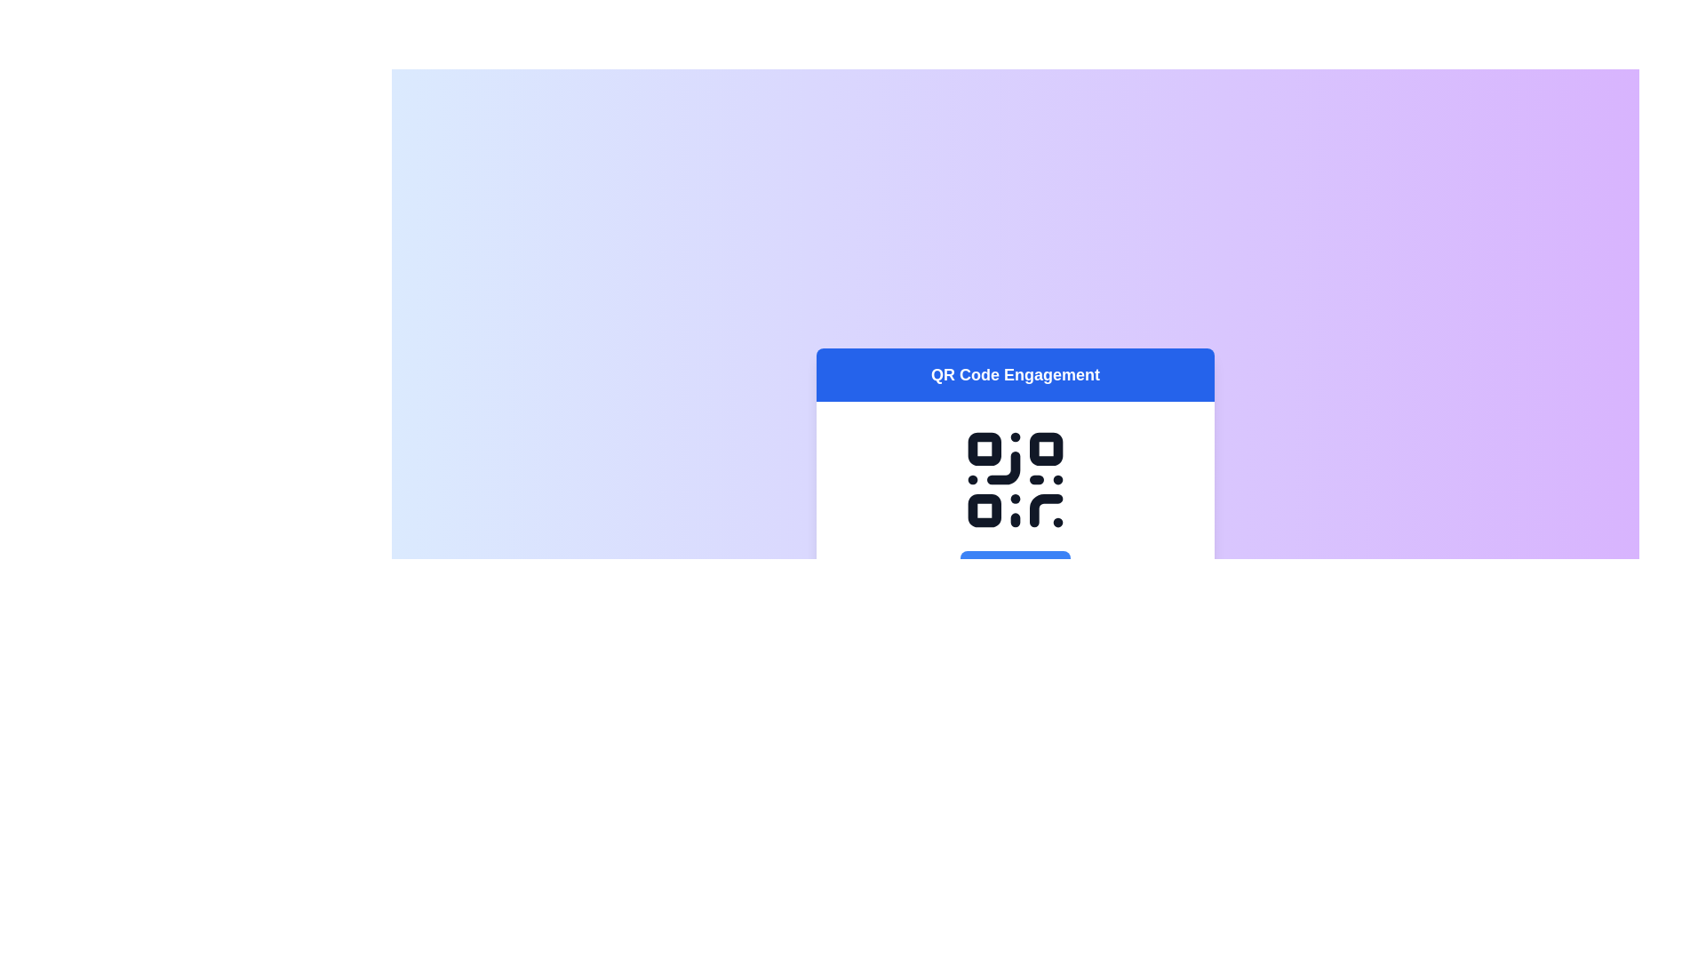 The width and height of the screenshot is (1706, 960). I want to click on the small square component located in the upper-right of the QR code design, which is the second square in the first row of the grid-like structure, so click(1046, 448).